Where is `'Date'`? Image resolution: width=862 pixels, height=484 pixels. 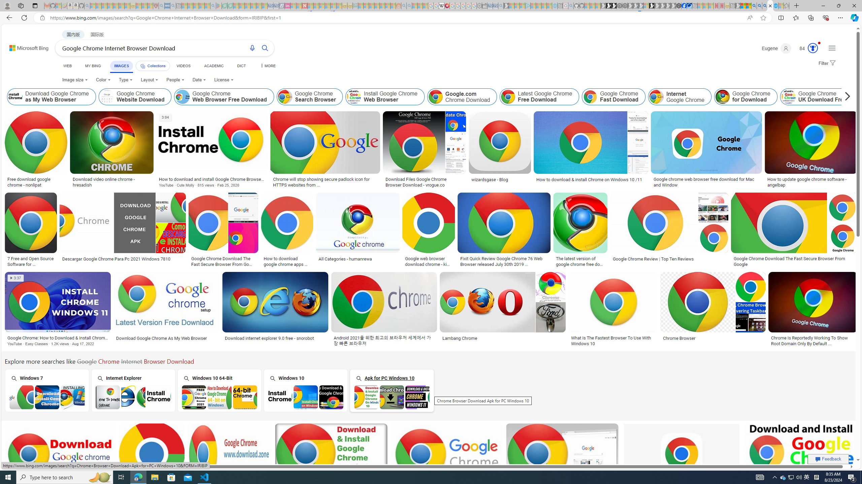 'Date' is located at coordinates (199, 80).